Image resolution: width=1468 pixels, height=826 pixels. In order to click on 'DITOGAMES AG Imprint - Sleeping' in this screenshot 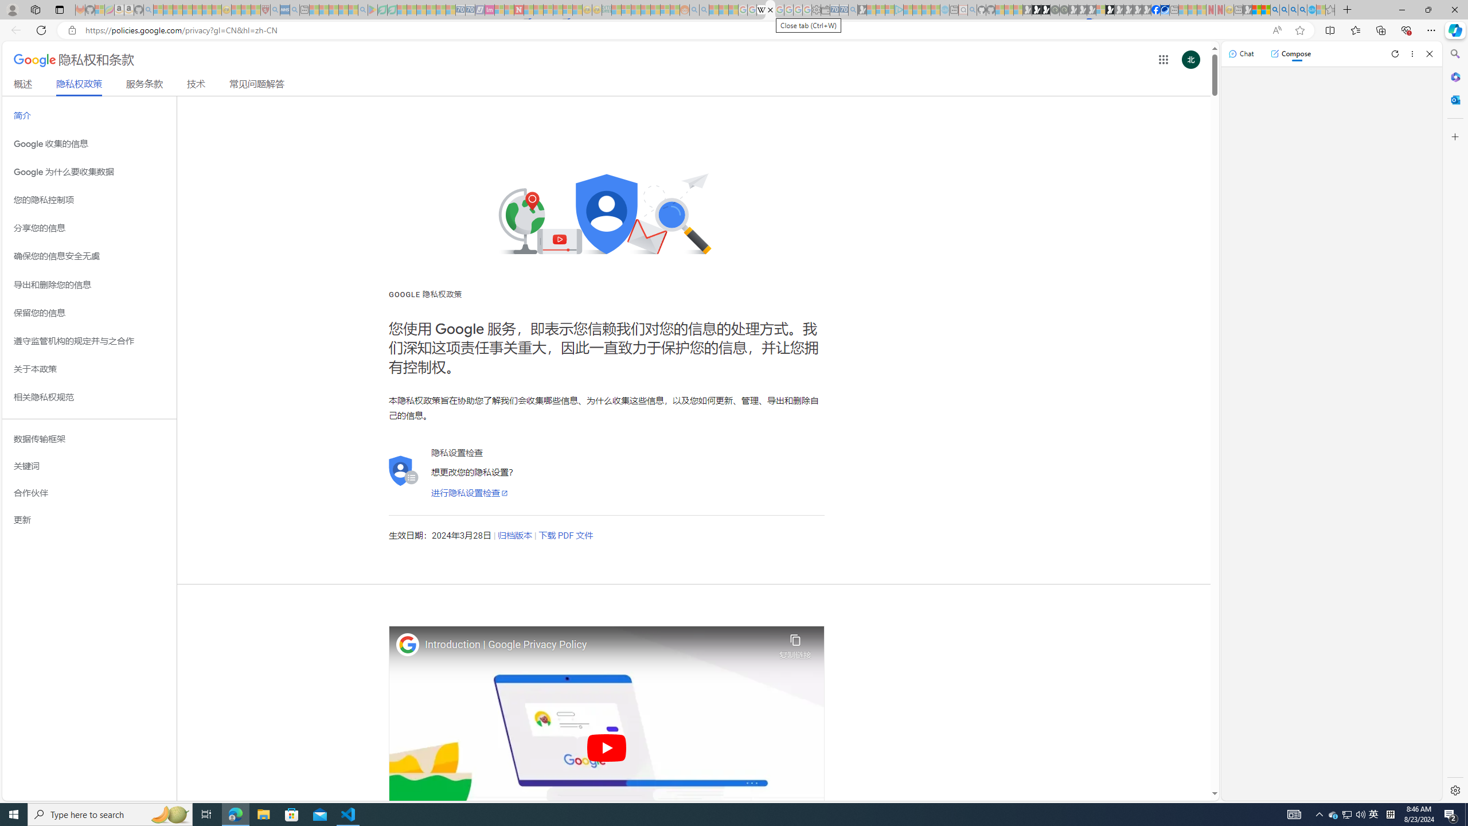, I will do `click(606, 9)`.